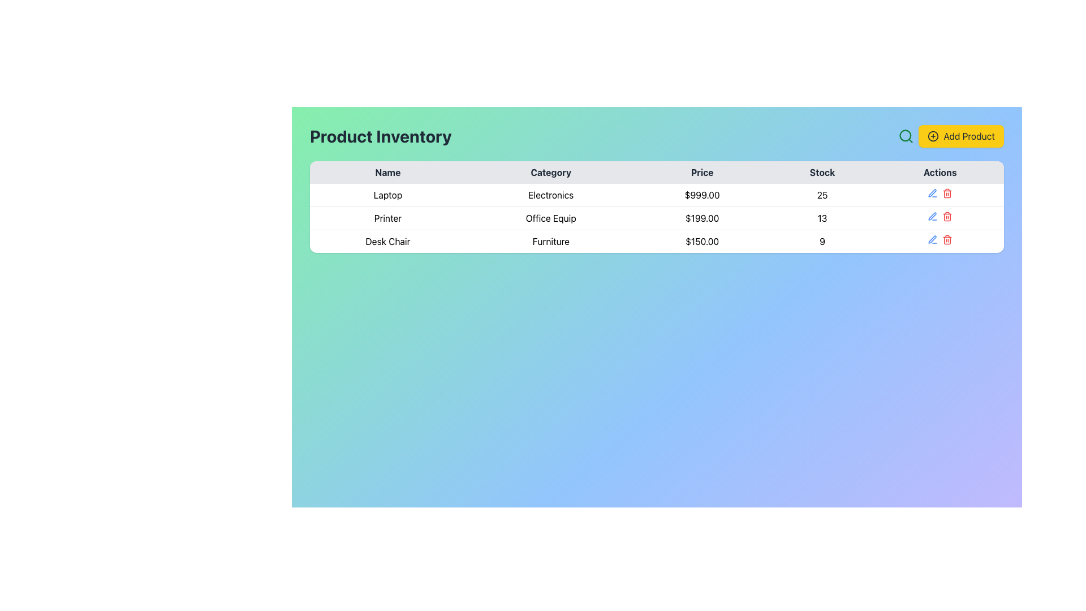 This screenshot has width=1086, height=611. Describe the element at coordinates (940, 216) in the screenshot. I see `the pencil icon in the Interactive Icon Group located in the last cell of the row for the item labeled 'Printer' in the Actions column` at that location.